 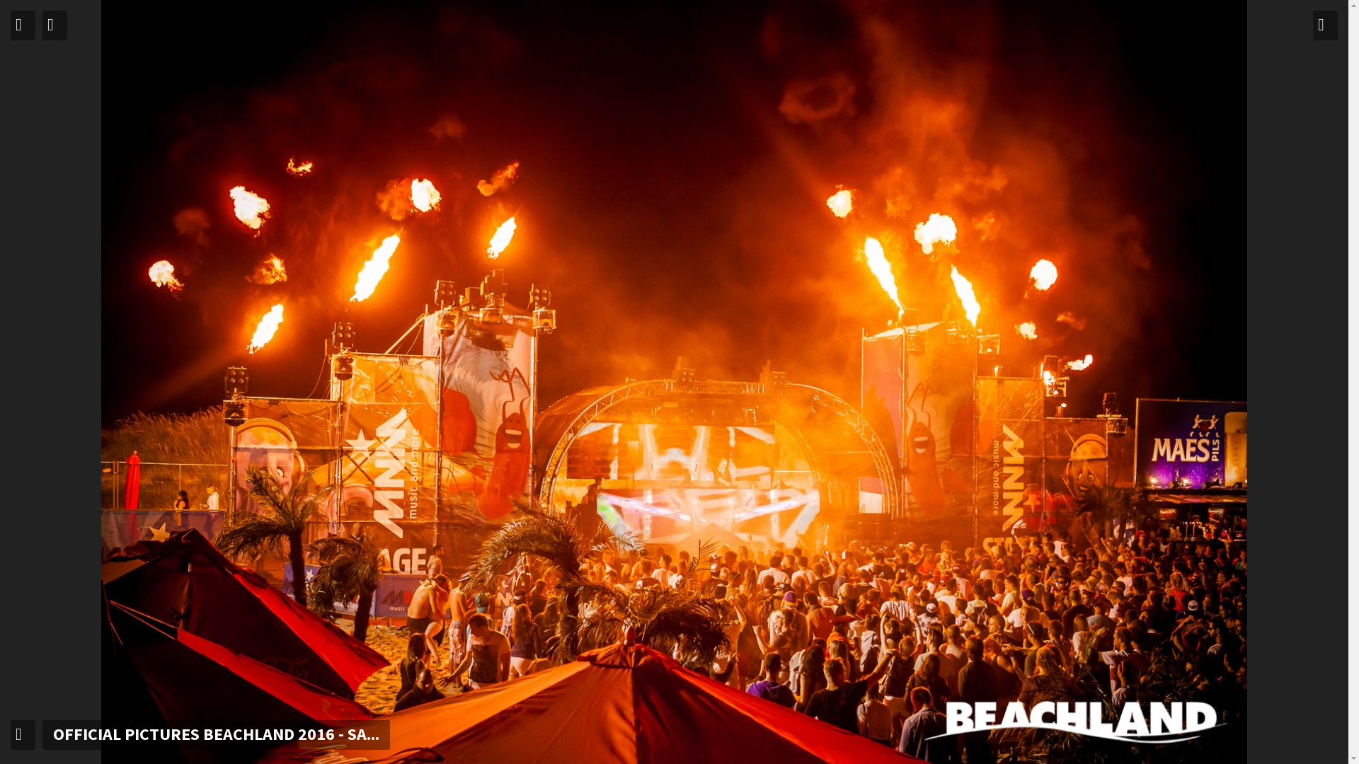 What do you see at coordinates (23, 25) in the screenshot?
I see `' '` at bounding box center [23, 25].